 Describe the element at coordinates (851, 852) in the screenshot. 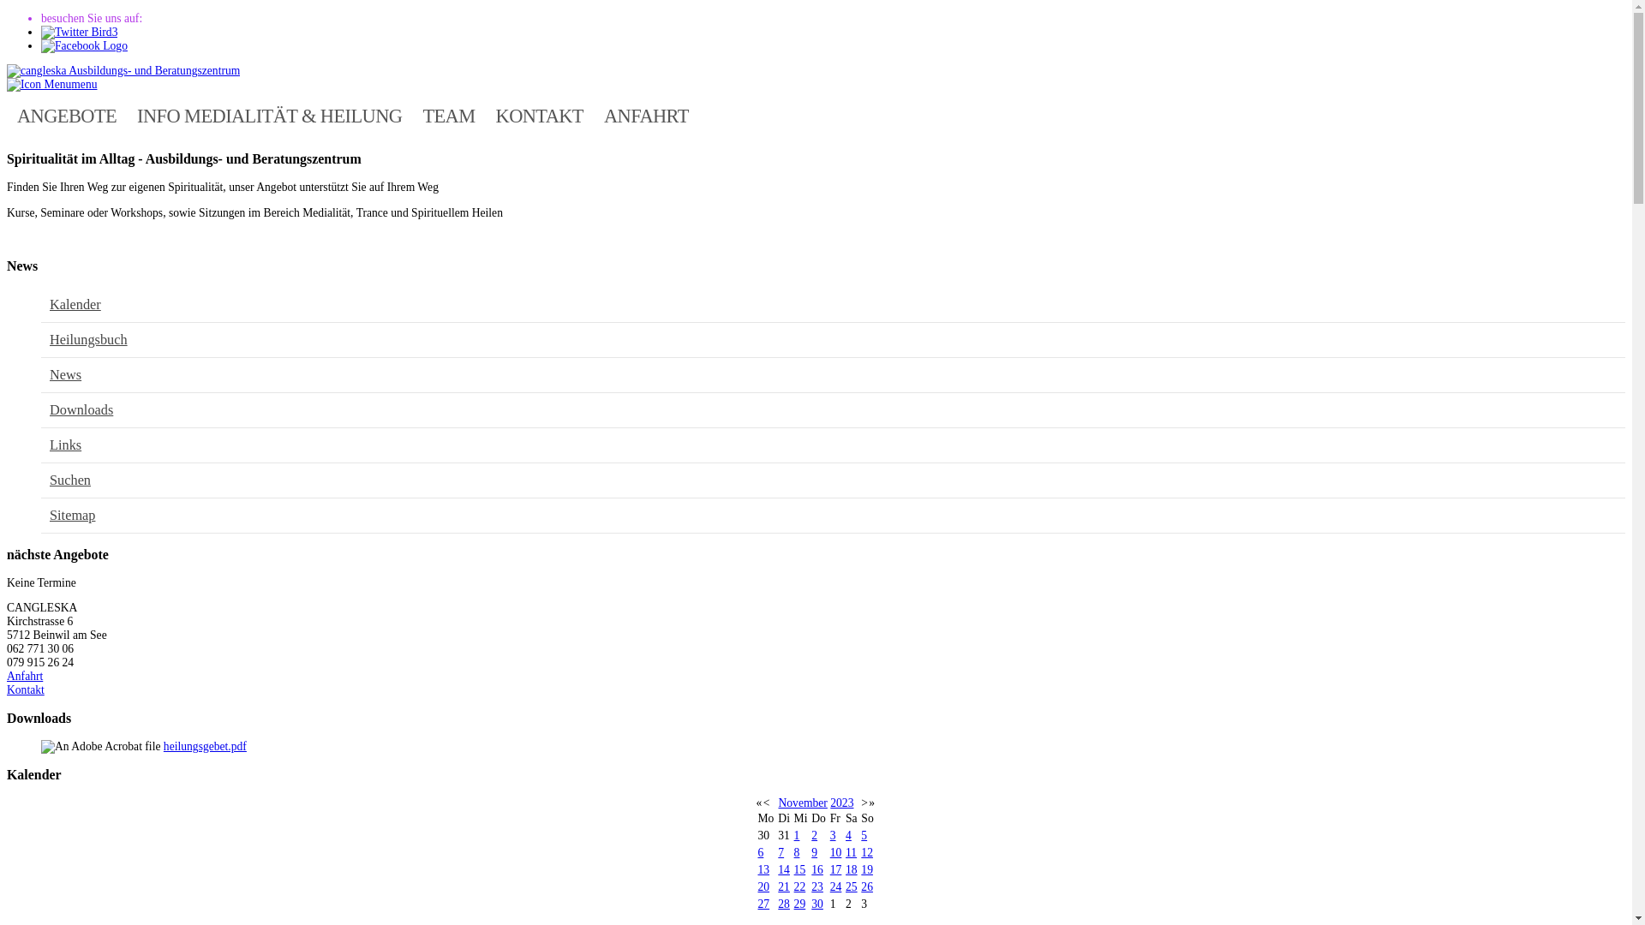

I see `'11'` at that location.